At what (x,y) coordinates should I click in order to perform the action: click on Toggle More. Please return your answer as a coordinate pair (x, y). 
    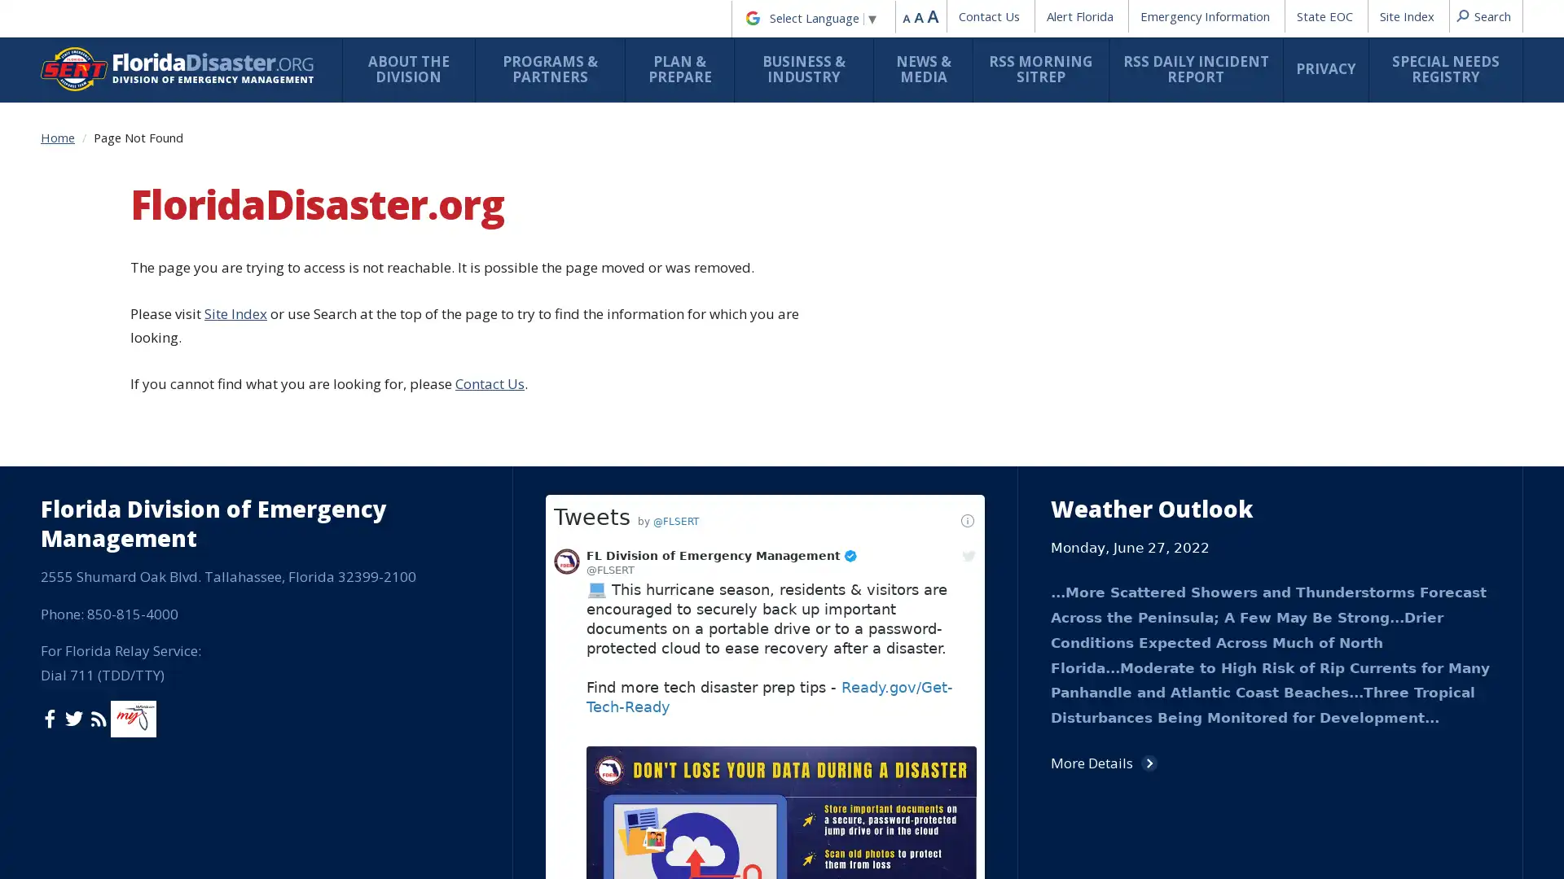
    Looking at the image, I should click on (816, 623).